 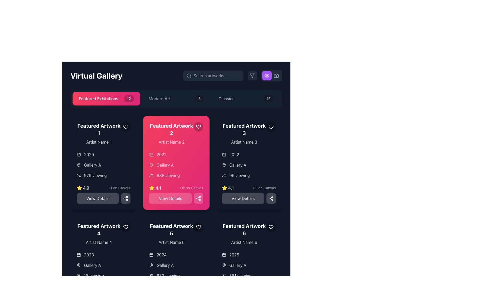 I want to click on the details of the artwork card located in the lower row of the grid layout, in the middle column, specifically positioned to the right of the fourth artwork card and to the left of the sixth artwork card, so click(x=176, y=233).